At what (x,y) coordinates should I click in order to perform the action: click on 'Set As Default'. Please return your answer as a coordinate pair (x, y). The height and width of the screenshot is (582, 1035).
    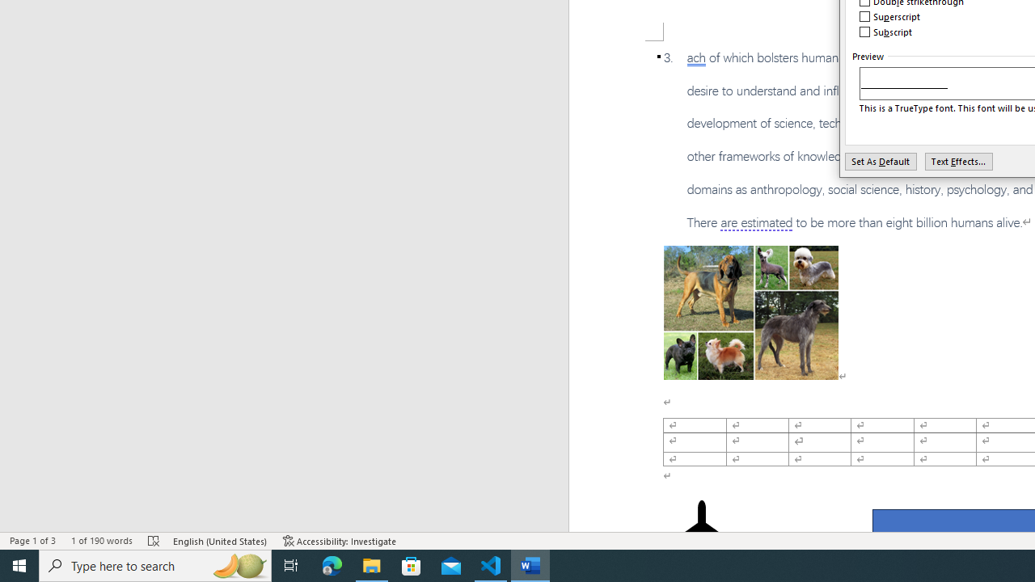
    Looking at the image, I should click on (880, 161).